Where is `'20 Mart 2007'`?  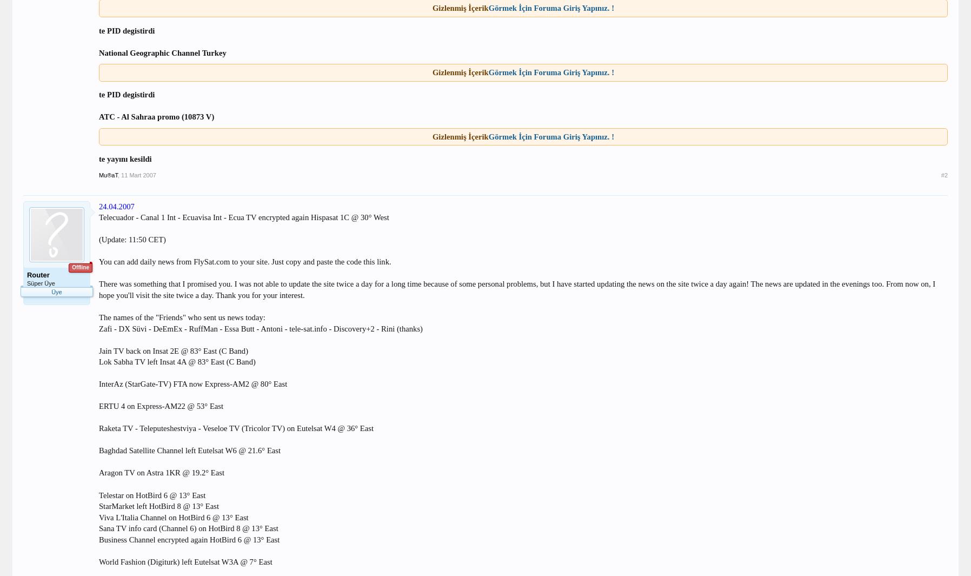
'20 Mart 2007' is located at coordinates (70, 307).